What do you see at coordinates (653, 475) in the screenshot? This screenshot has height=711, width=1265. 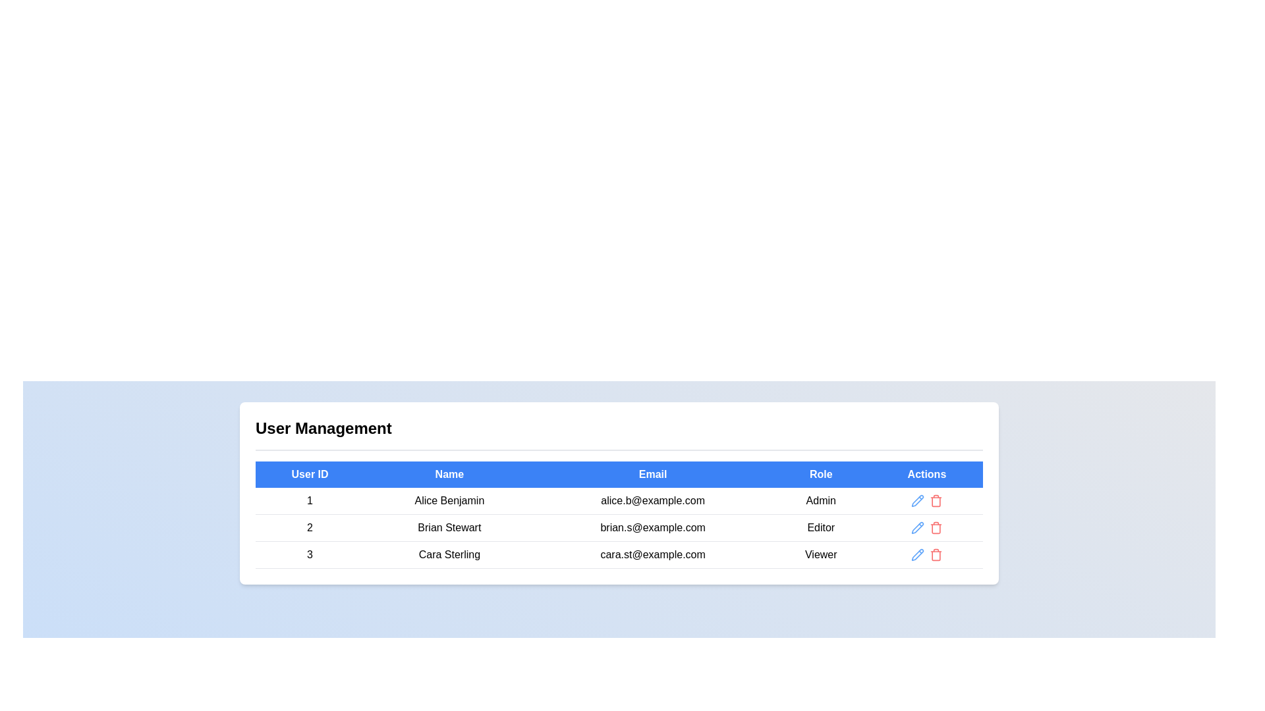 I see `the blue header button labeled 'Email' in the table interface, which is positioned between 'Name' and 'Role'` at bounding box center [653, 475].